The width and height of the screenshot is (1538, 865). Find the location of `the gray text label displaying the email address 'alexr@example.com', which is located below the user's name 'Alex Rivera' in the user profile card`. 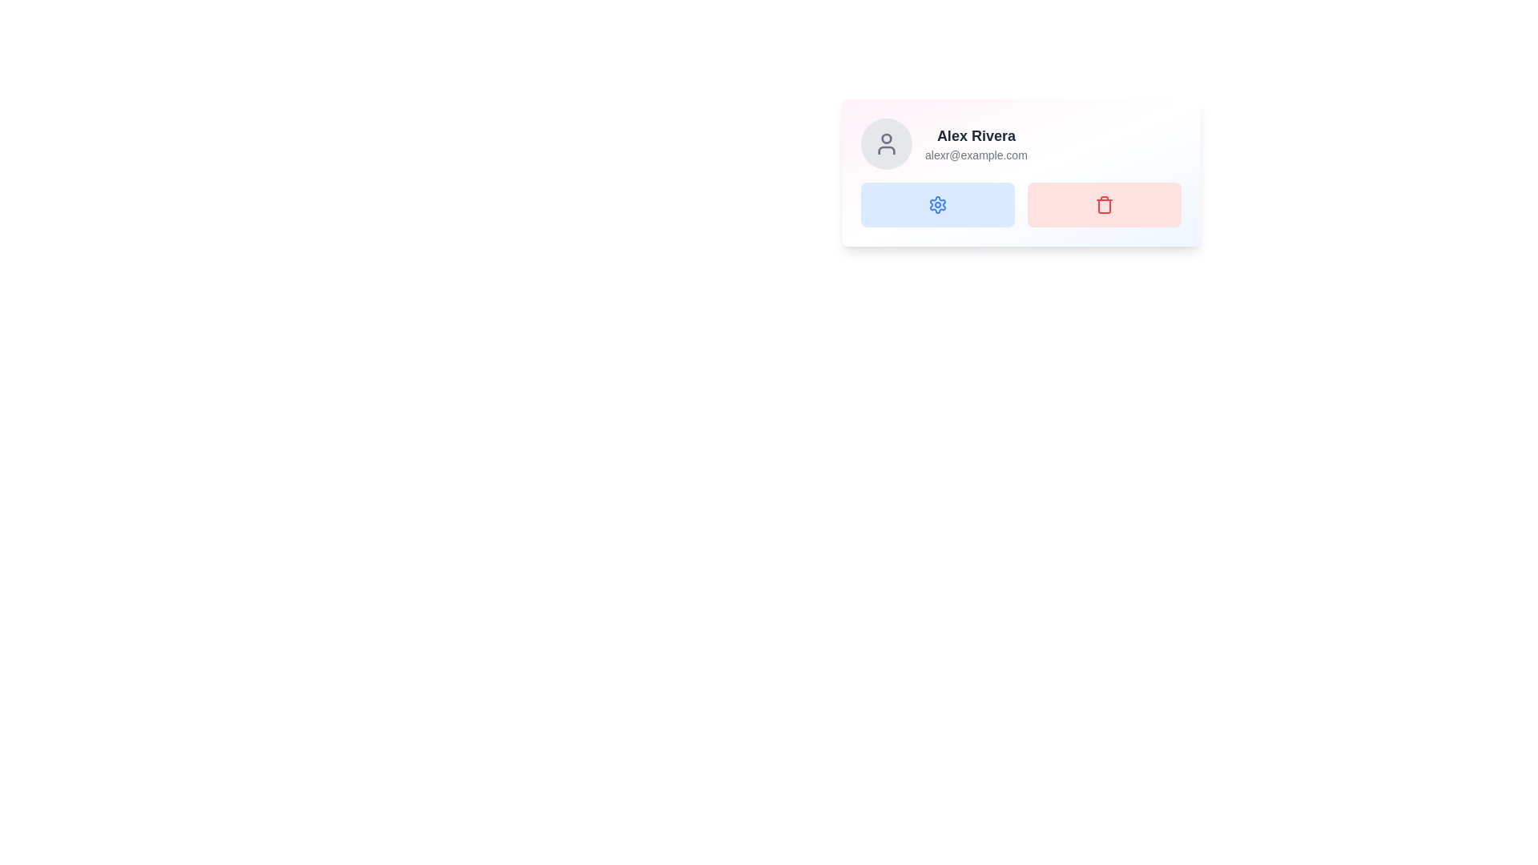

the gray text label displaying the email address 'alexr@example.com', which is located below the user's name 'Alex Rivera' in the user profile card is located at coordinates (975, 155).